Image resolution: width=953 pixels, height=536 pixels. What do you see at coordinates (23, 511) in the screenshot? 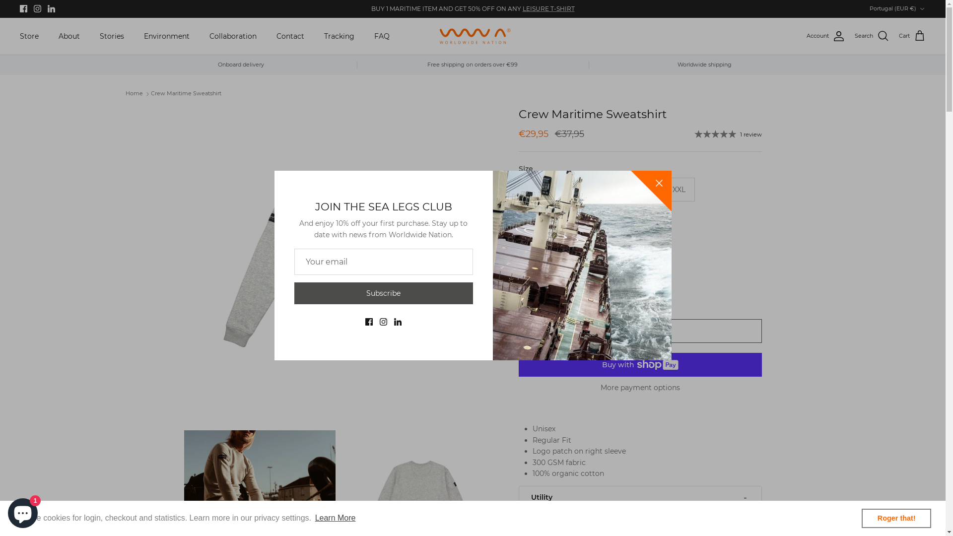
I see `'Shopify online store chat'` at bounding box center [23, 511].